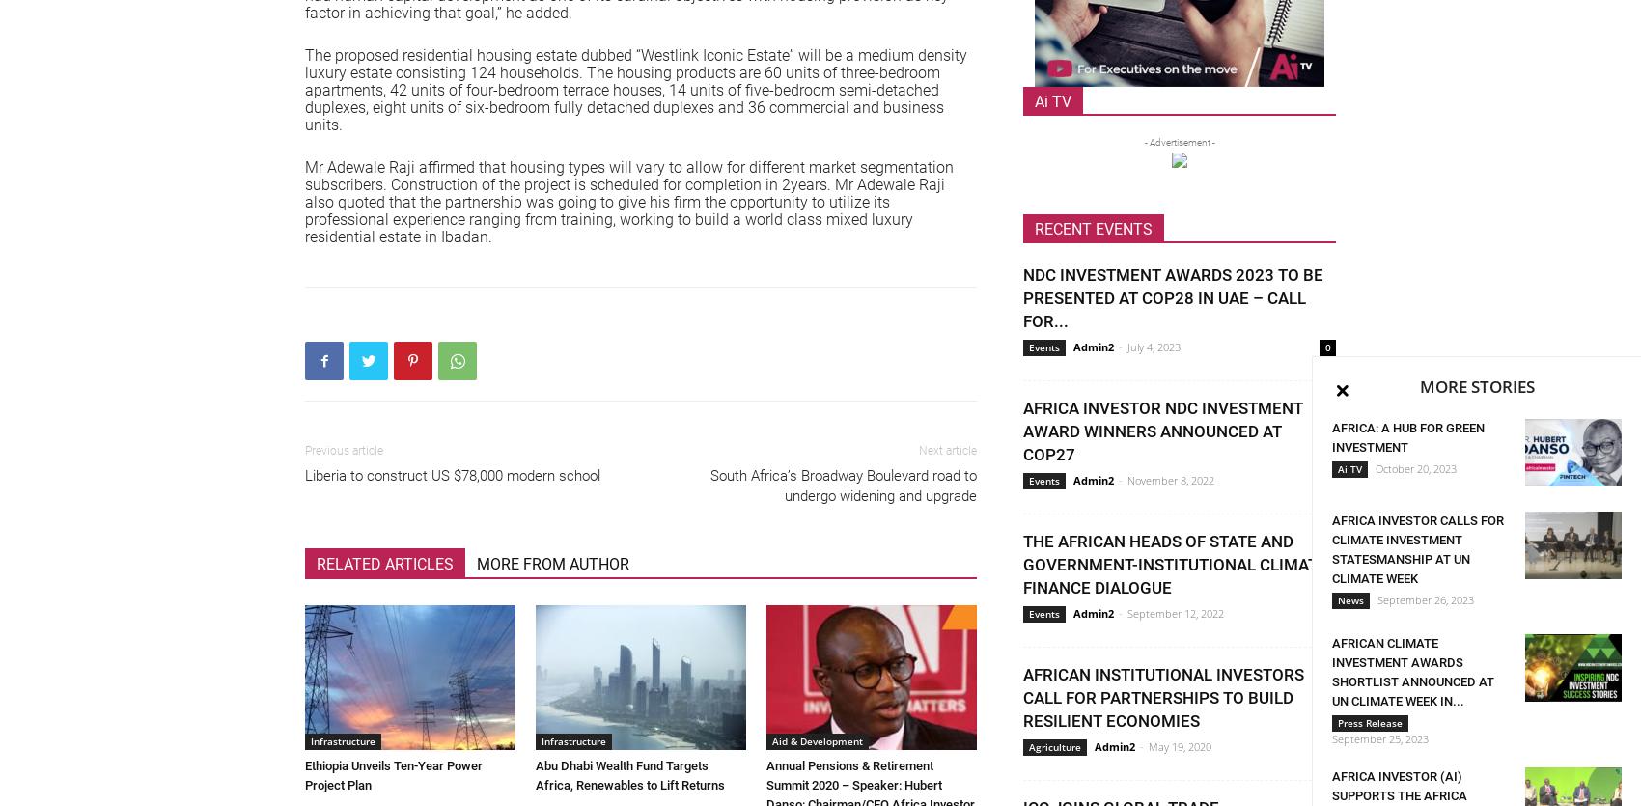 The width and height of the screenshot is (1641, 806). Describe the element at coordinates (1127, 612) in the screenshot. I see `'September 12, 2022'` at that location.